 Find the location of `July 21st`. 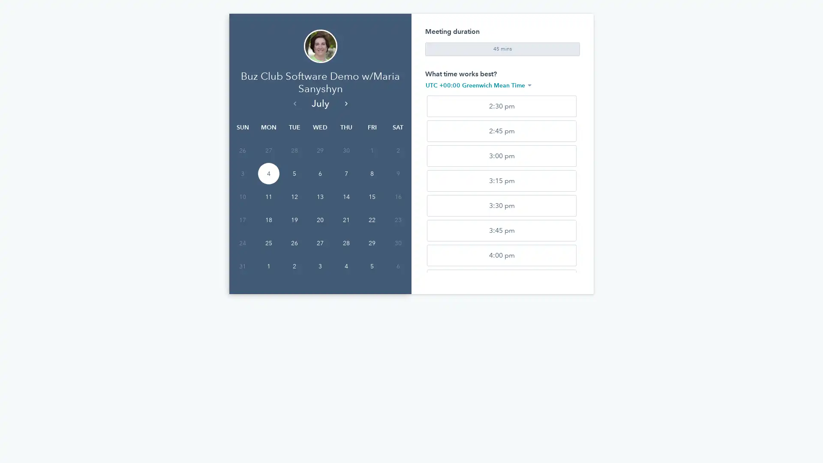

July 21st is located at coordinates (345, 252).